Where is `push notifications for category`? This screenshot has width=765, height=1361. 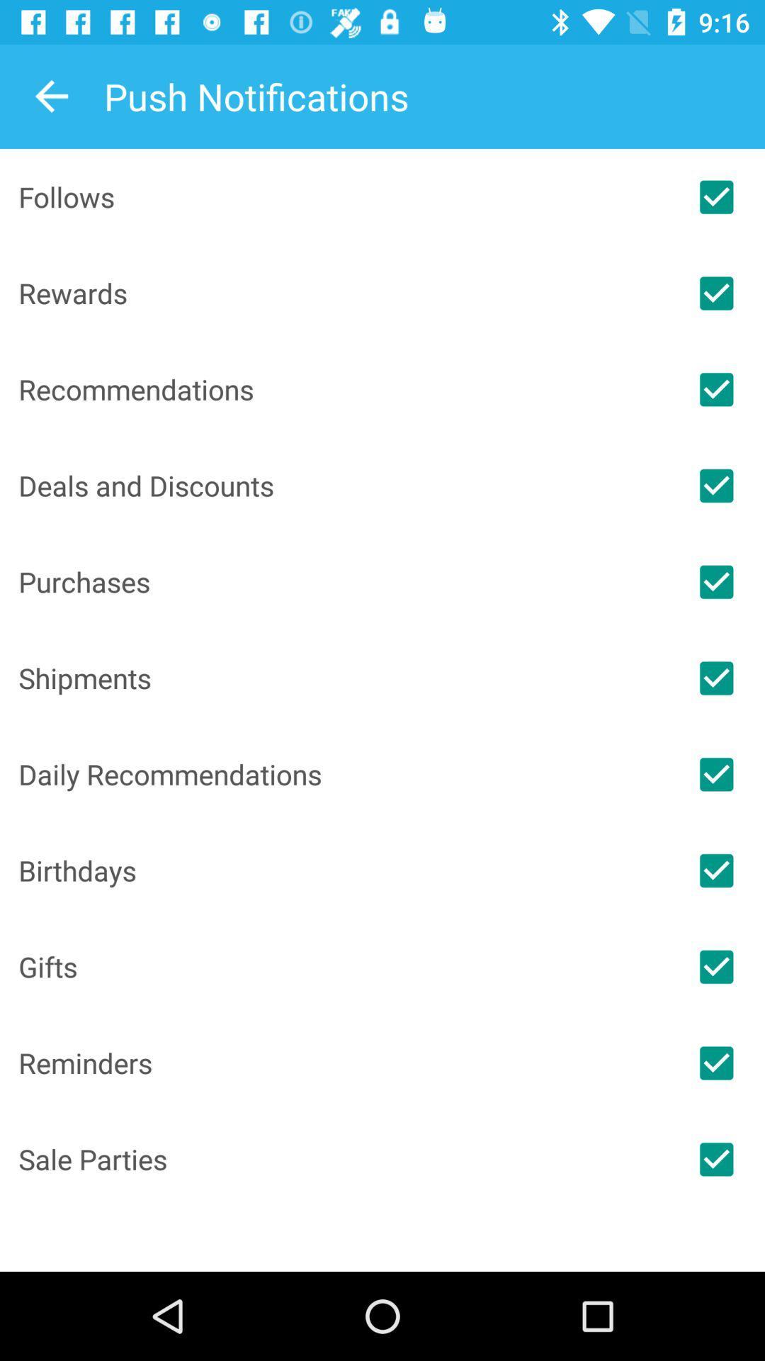
push notifications for category is located at coordinates (716, 773).